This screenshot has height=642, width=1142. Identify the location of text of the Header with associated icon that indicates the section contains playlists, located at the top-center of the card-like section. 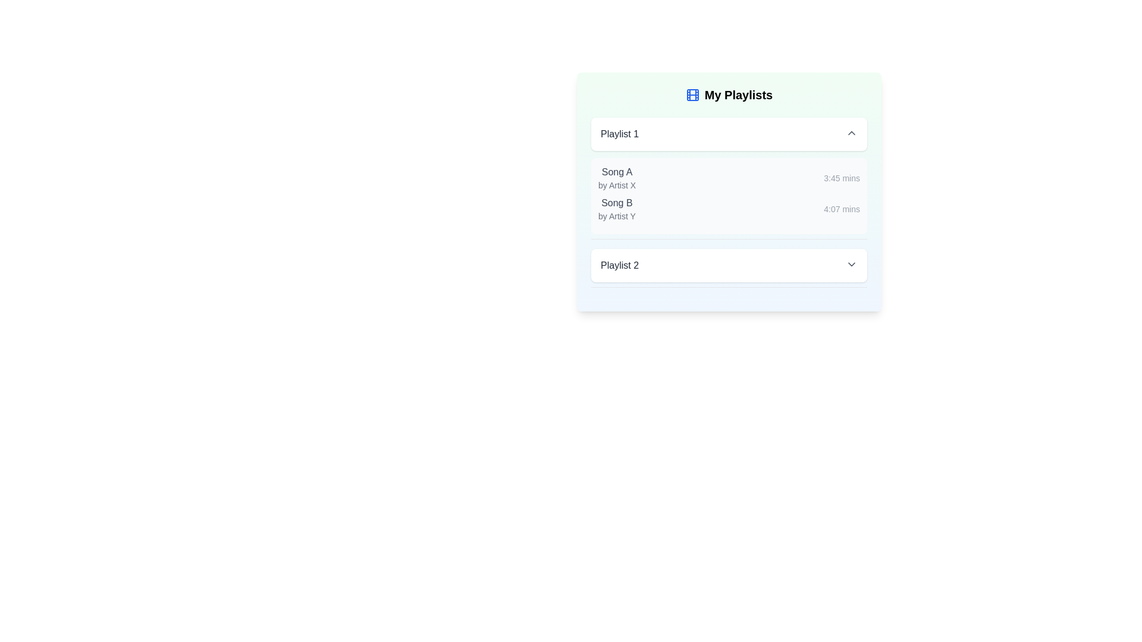
(728, 94).